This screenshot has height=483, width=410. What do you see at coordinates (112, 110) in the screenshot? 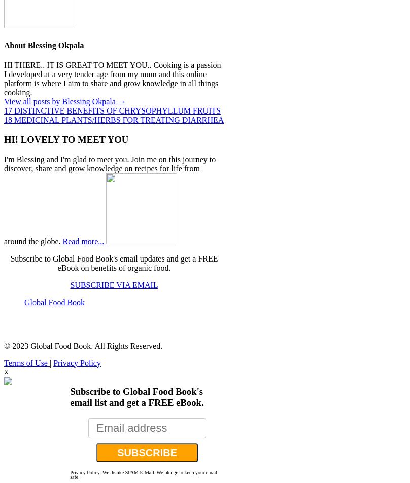
I see `'17 DISTINCTIVE BENEFITS OF CHRYSOPHYLLUM FRUITS'` at bounding box center [112, 110].